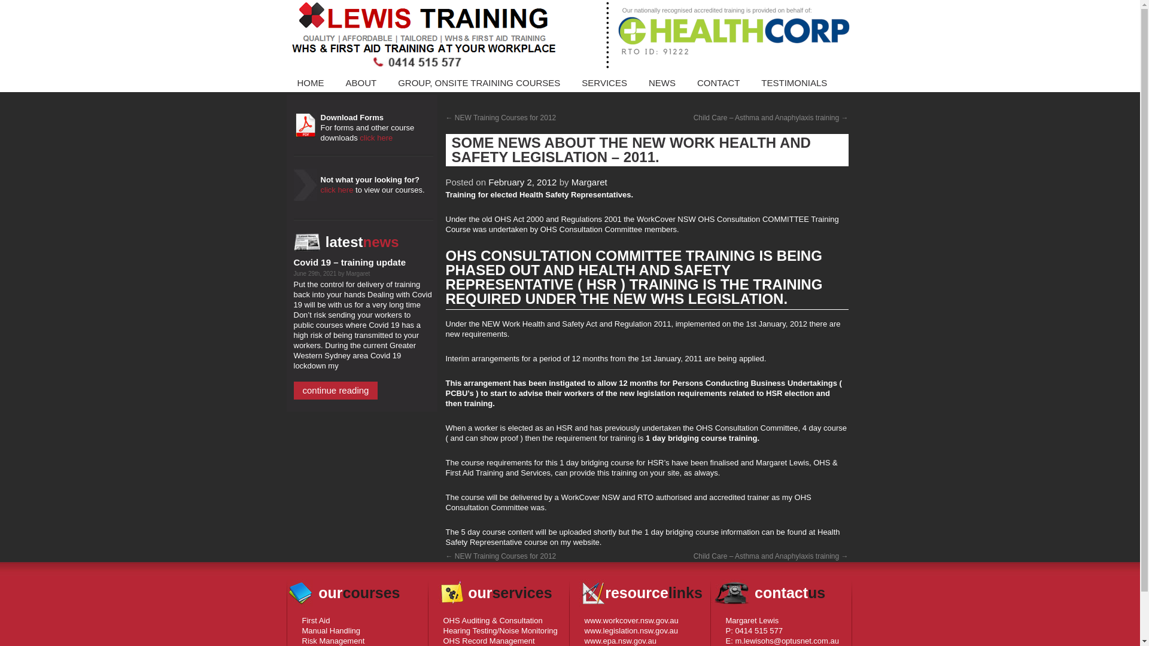 Image resolution: width=1149 pixels, height=646 pixels. Describe the element at coordinates (315, 620) in the screenshot. I see `'First Aid'` at that location.